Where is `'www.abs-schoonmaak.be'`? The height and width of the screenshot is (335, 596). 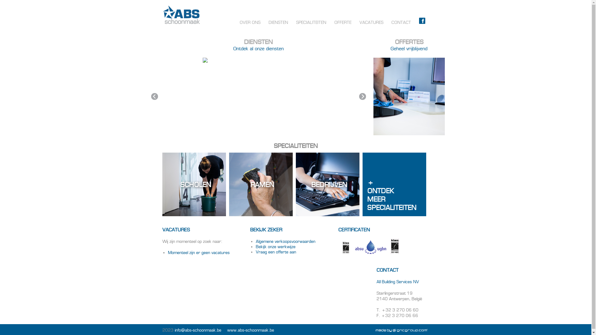
'www.abs-schoonmaak.be' is located at coordinates (251, 330).